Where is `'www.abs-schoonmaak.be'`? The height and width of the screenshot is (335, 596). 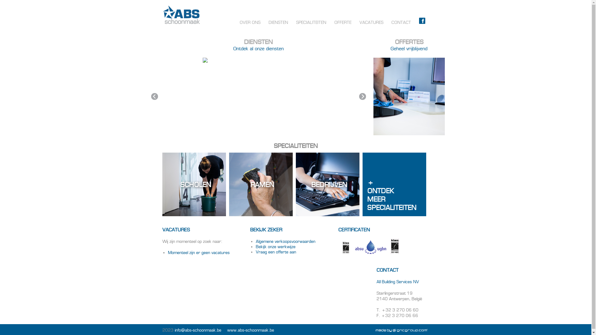
'www.abs-schoonmaak.be' is located at coordinates (251, 330).